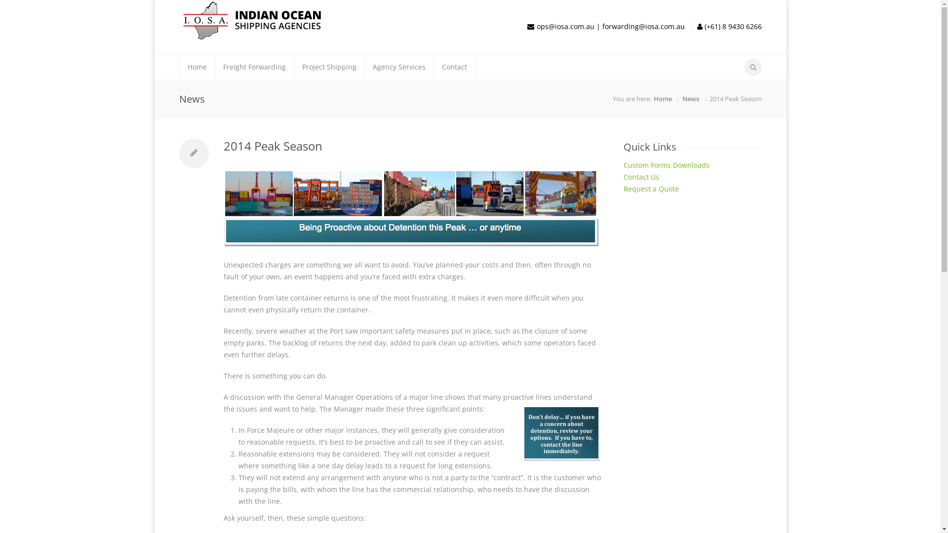 Image resolution: width=948 pixels, height=533 pixels. What do you see at coordinates (623, 189) in the screenshot?
I see `'Request a Quote'` at bounding box center [623, 189].